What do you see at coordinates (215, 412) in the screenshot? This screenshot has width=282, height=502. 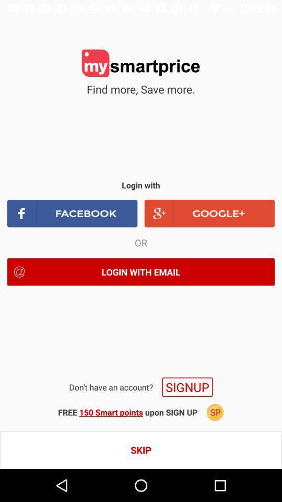 I see `the icon next to free 150 smart` at bounding box center [215, 412].